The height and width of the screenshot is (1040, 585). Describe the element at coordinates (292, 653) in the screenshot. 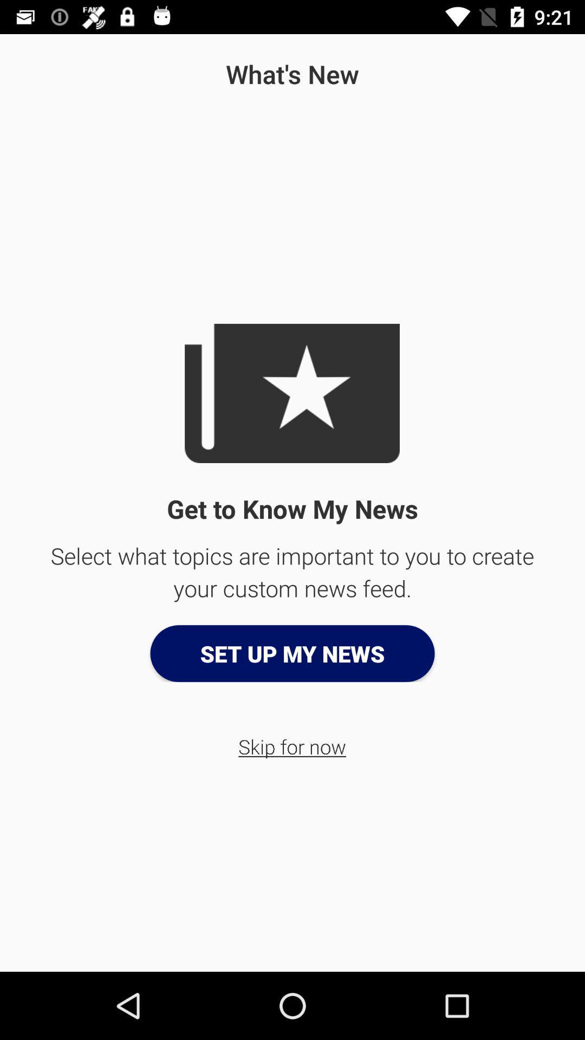

I see `the icon above the skip for now app` at that location.